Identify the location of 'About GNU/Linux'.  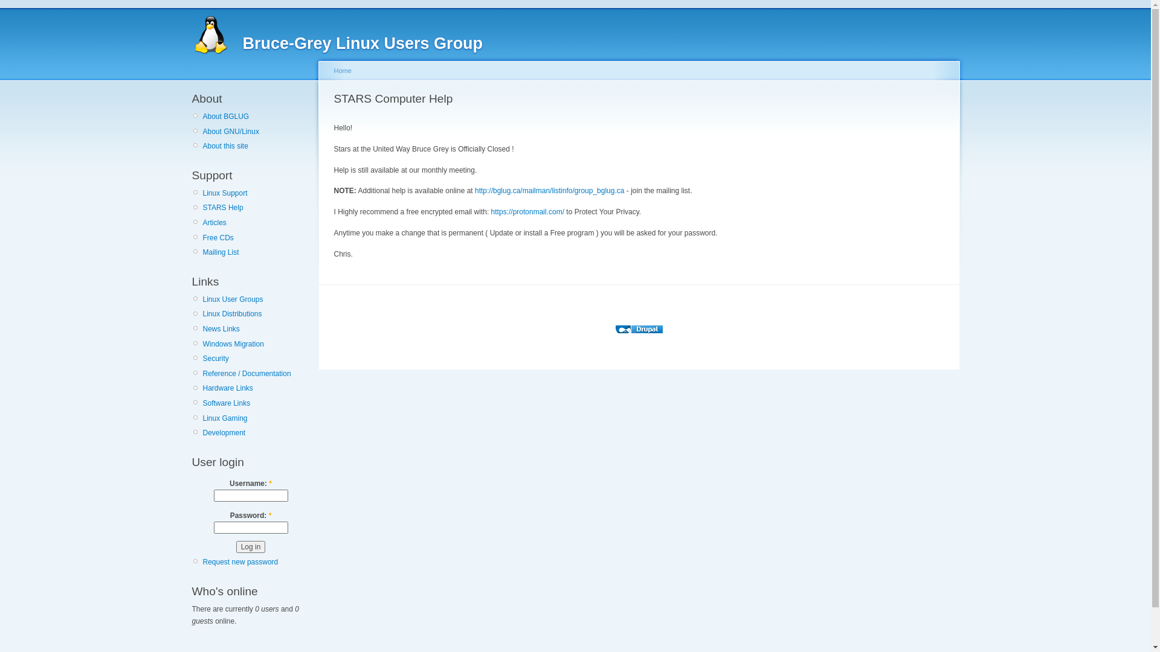
(256, 132).